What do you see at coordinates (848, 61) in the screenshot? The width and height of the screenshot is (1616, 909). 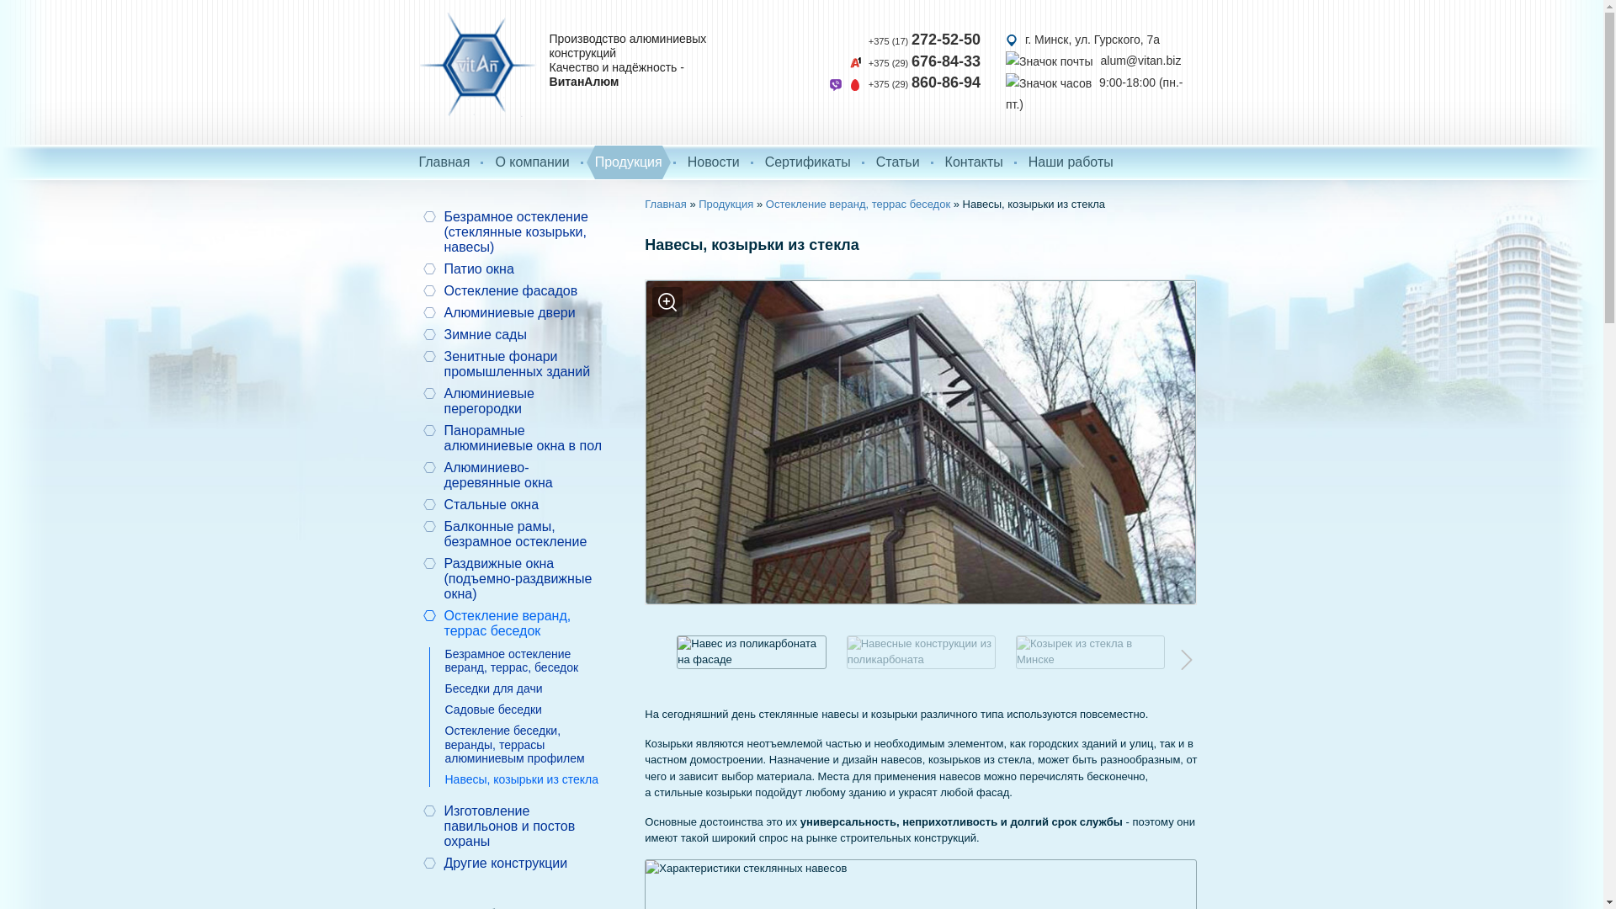 I see `'+375 (29) 676-84-33'` at bounding box center [848, 61].